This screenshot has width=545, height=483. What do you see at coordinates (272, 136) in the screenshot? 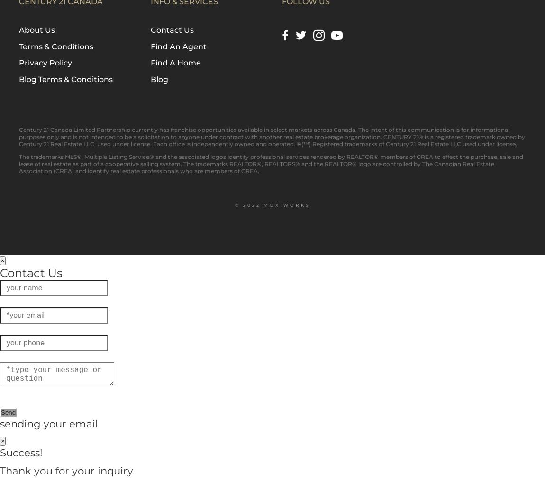
I see `'Century 21 Canada Limited Partnership currently has franchise opportunities available in select markets across Canada. The intent of this communication is for informational purposes only and is not intended to be a solicitation to anyone under contract with another real estate brokerage organization. CENTURY 21® is a registered trademark owned by Century 21 Real Estate LLC, used under license. Each office is independently owned and operated. ®(™) Registered trademarks of Century 21 Real Estate LLC used under license.'` at bounding box center [272, 136].